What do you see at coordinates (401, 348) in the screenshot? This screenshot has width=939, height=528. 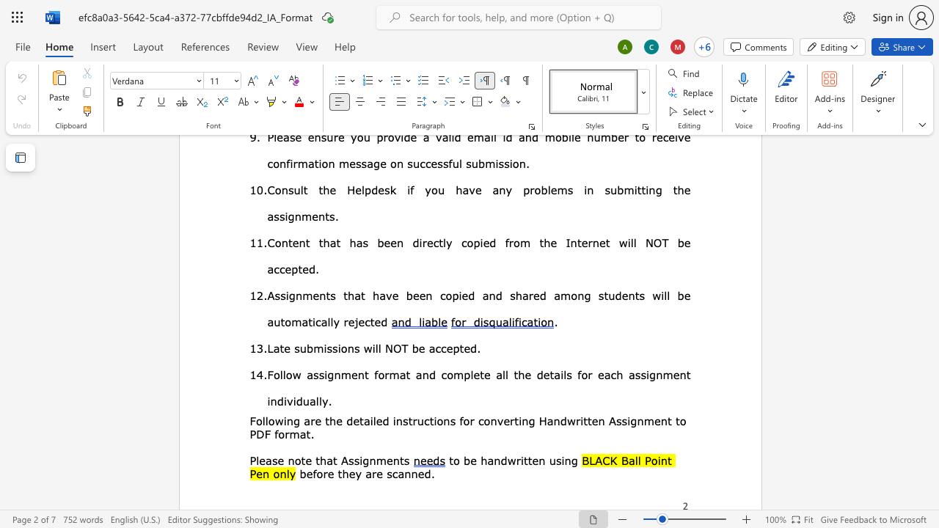 I see `the space between the continuous character "O" and "T" in the text` at bounding box center [401, 348].